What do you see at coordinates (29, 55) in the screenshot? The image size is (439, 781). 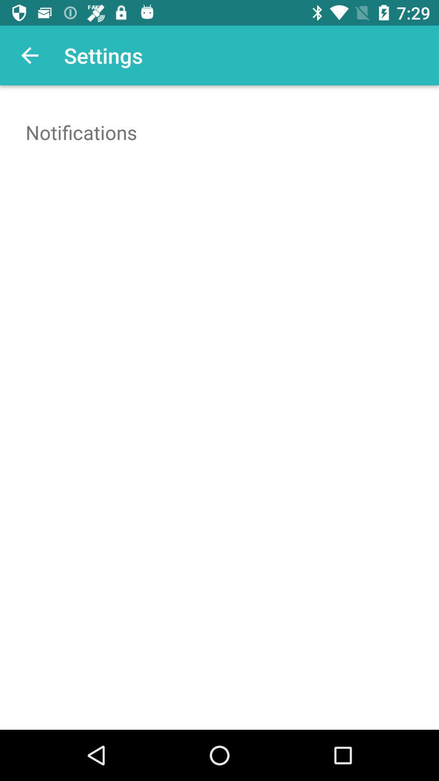 I see `app next to settings icon` at bounding box center [29, 55].